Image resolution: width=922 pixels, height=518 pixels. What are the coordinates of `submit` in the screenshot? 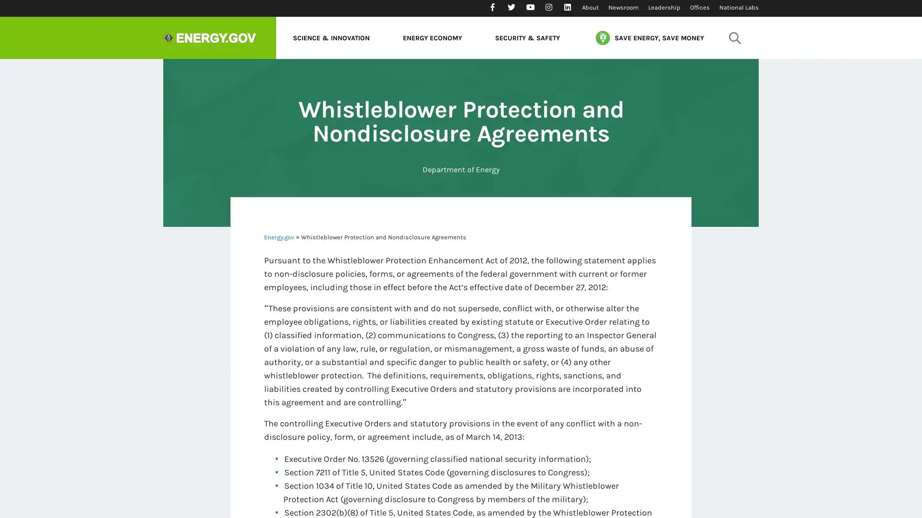 It's located at (734, 37).